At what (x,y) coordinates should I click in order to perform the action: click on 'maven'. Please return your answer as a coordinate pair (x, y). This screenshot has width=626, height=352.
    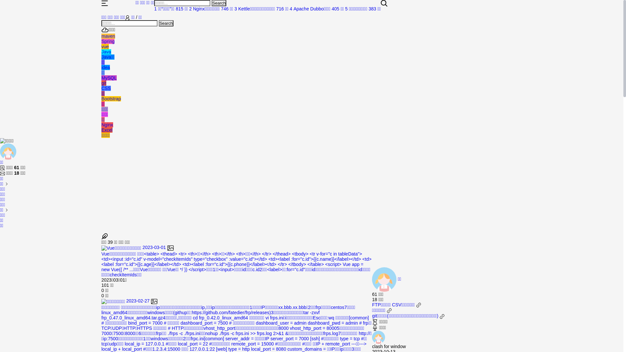
    Looking at the image, I should click on (108, 36).